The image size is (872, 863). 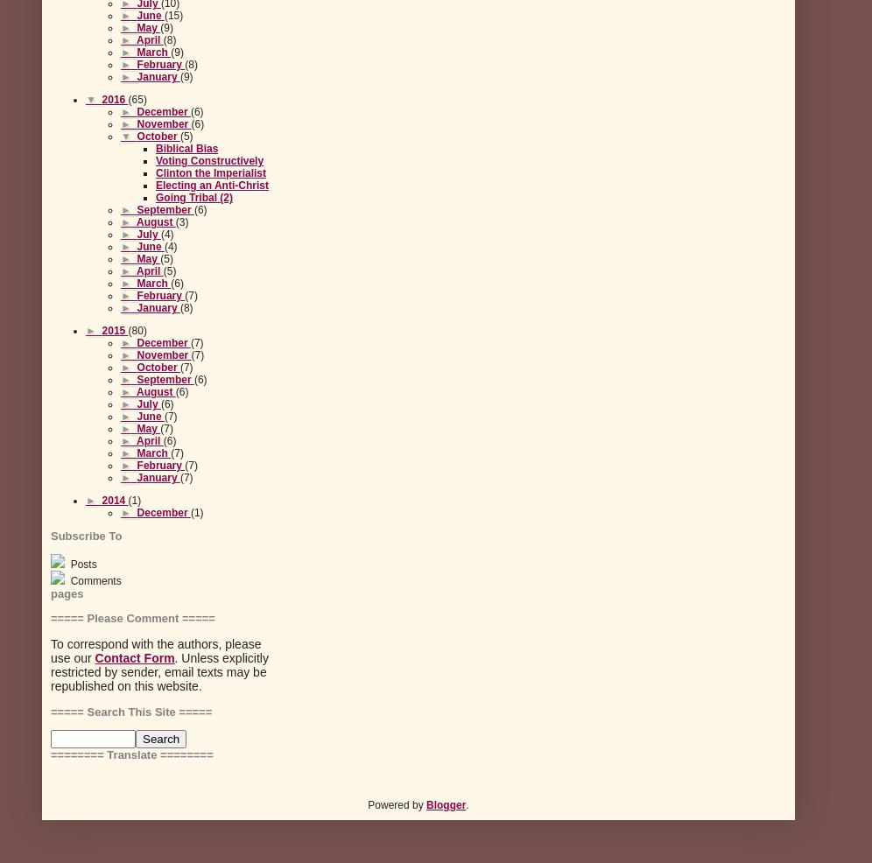 What do you see at coordinates (174, 221) in the screenshot?
I see `'(3)'` at bounding box center [174, 221].